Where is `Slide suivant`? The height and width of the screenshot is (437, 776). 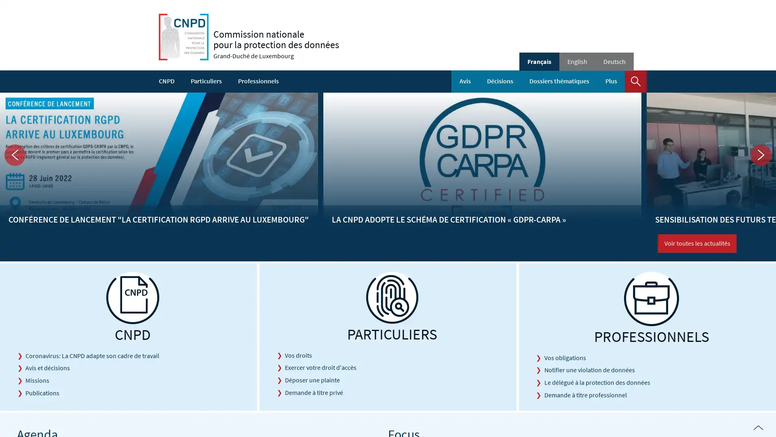 Slide suivant is located at coordinates (760, 155).